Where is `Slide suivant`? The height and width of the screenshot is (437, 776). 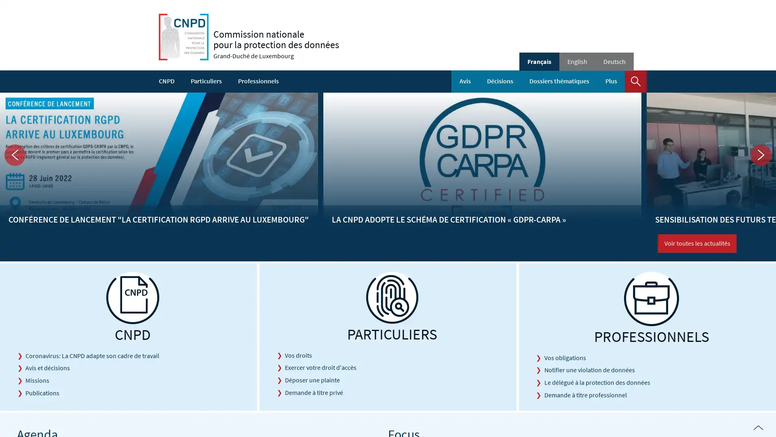 Slide suivant is located at coordinates (760, 155).